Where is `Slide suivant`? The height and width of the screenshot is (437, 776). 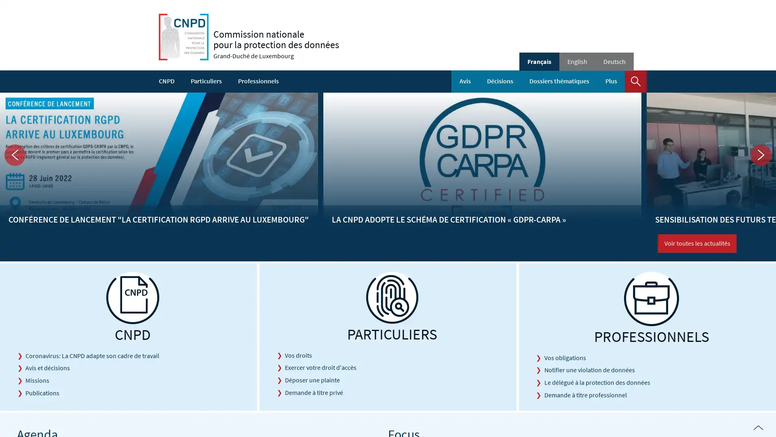 Slide suivant is located at coordinates (760, 155).